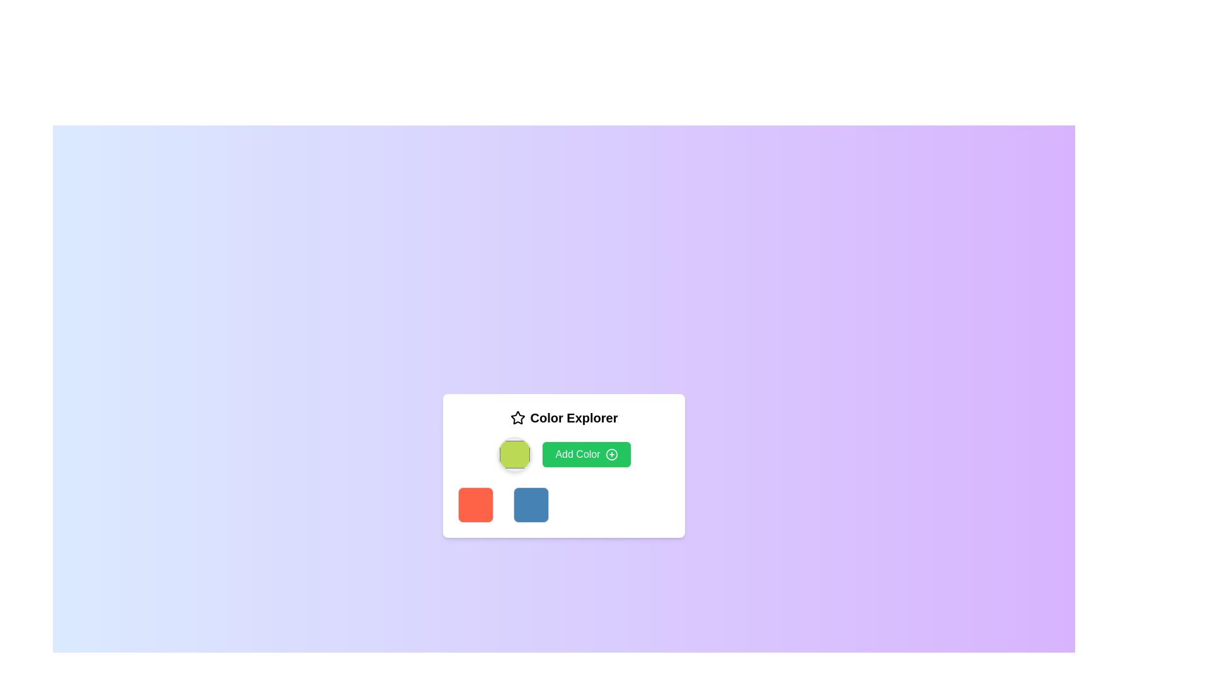 The height and width of the screenshot is (681, 1210). What do you see at coordinates (517, 417) in the screenshot?
I see `the visually styled star icon located in the 'Color Explorer' card by moving the mouse to its center point` at bounding box center [517, 417].